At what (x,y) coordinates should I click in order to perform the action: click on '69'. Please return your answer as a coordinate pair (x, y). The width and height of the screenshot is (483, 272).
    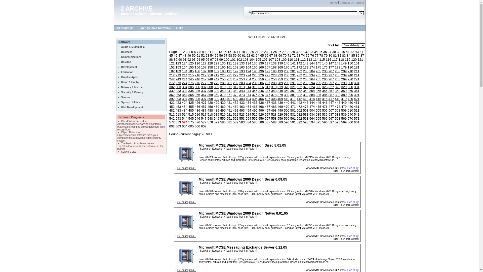
    Looking at the image, I should click on (278, 55).